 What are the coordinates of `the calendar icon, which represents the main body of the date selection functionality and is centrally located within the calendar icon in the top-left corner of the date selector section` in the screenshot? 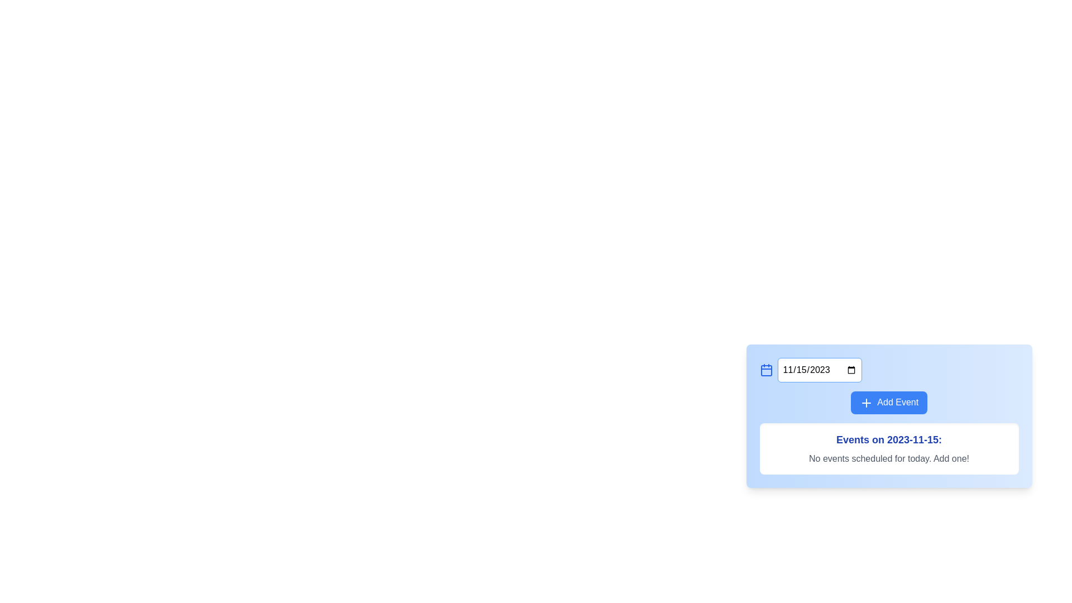 It's located at (765, 370).